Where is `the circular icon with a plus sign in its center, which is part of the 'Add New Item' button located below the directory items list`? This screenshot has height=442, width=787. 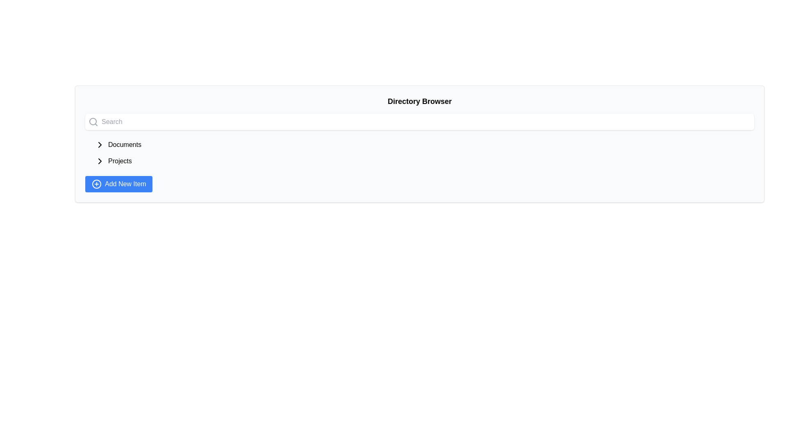
the circular icon with a plus sign in its center, which is part of the 'Add New Item' button located below the directory items list is located at coordinates (96, 184).